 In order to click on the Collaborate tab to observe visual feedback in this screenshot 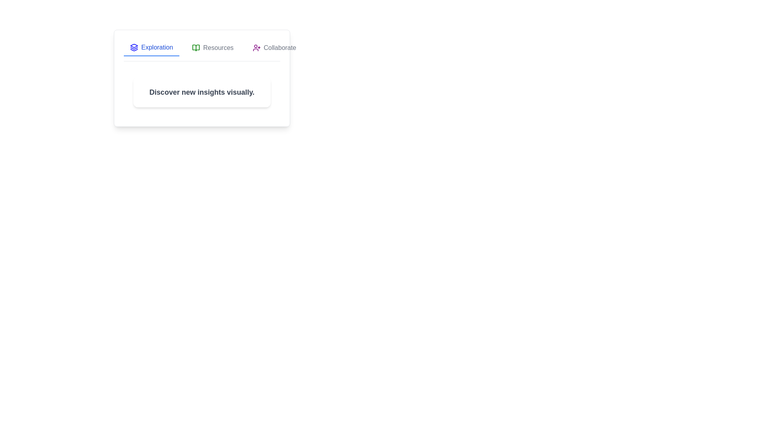, I will do `click(274, 48)`.